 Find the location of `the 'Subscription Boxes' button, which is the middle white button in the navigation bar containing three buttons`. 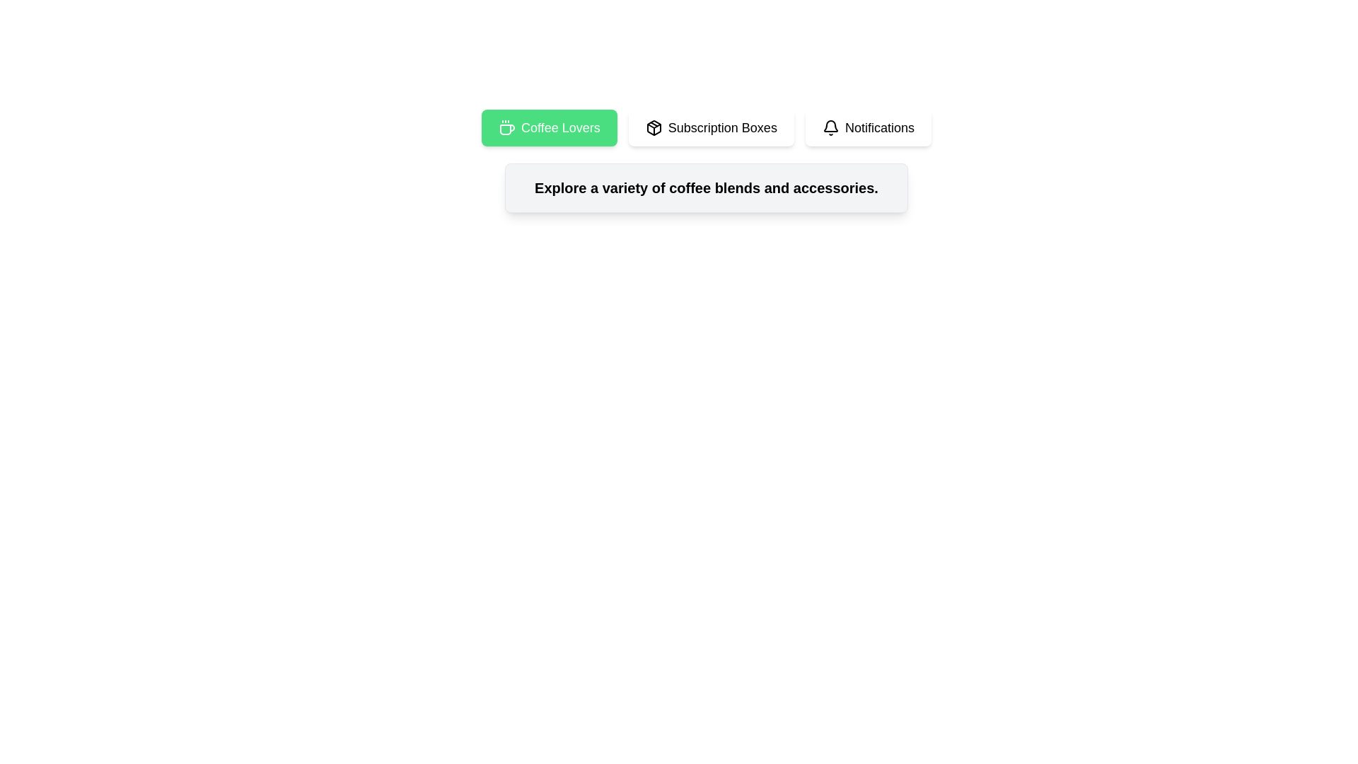

the 'Subscription Boxes' button, which is the middle white button in the navigation bar containing three buttons is located at coordinates (706, 128).